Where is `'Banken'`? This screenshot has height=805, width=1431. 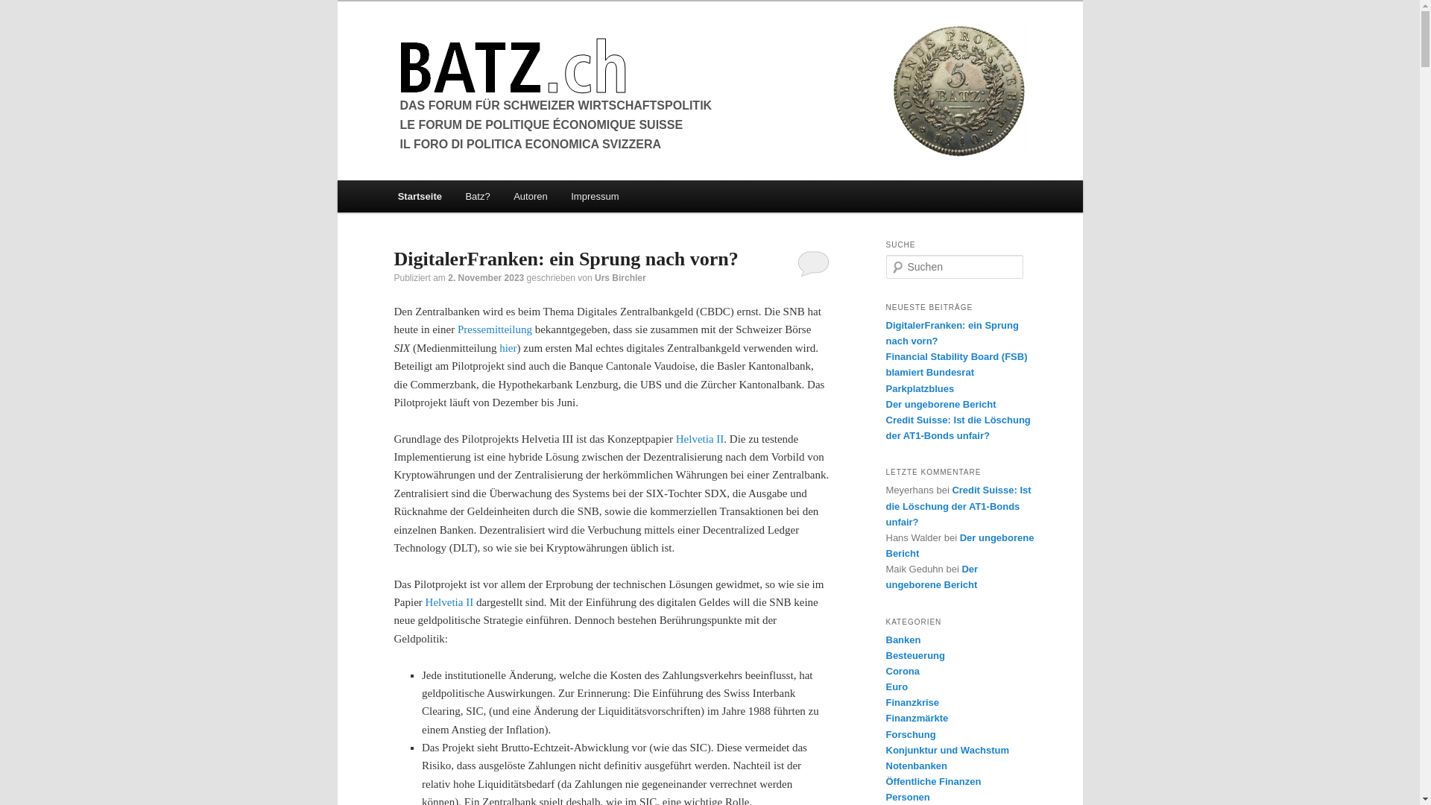
'Banken' is located at coordinates (902, 639).